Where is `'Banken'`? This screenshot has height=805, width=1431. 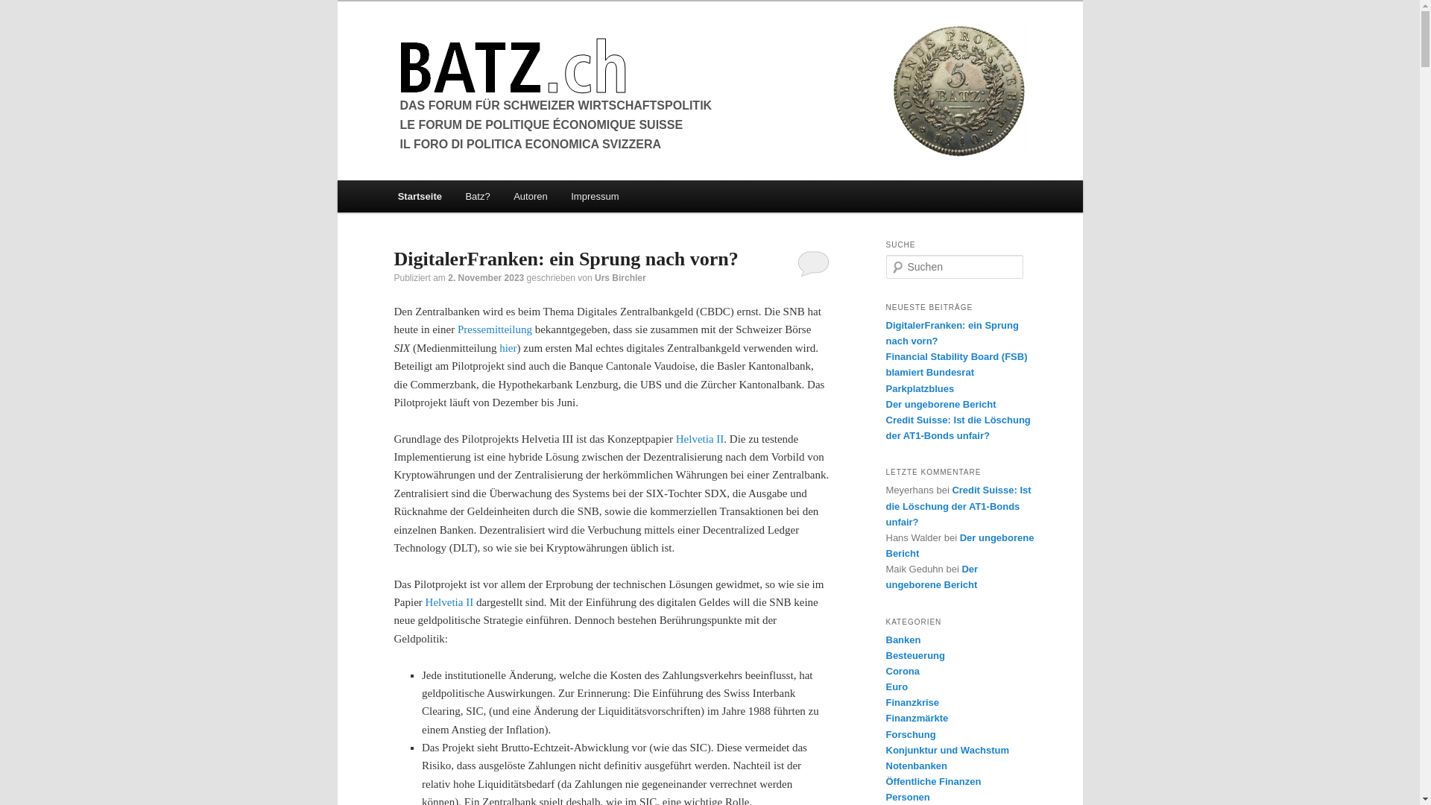
'Banken' is located at coordinates (902, 639).